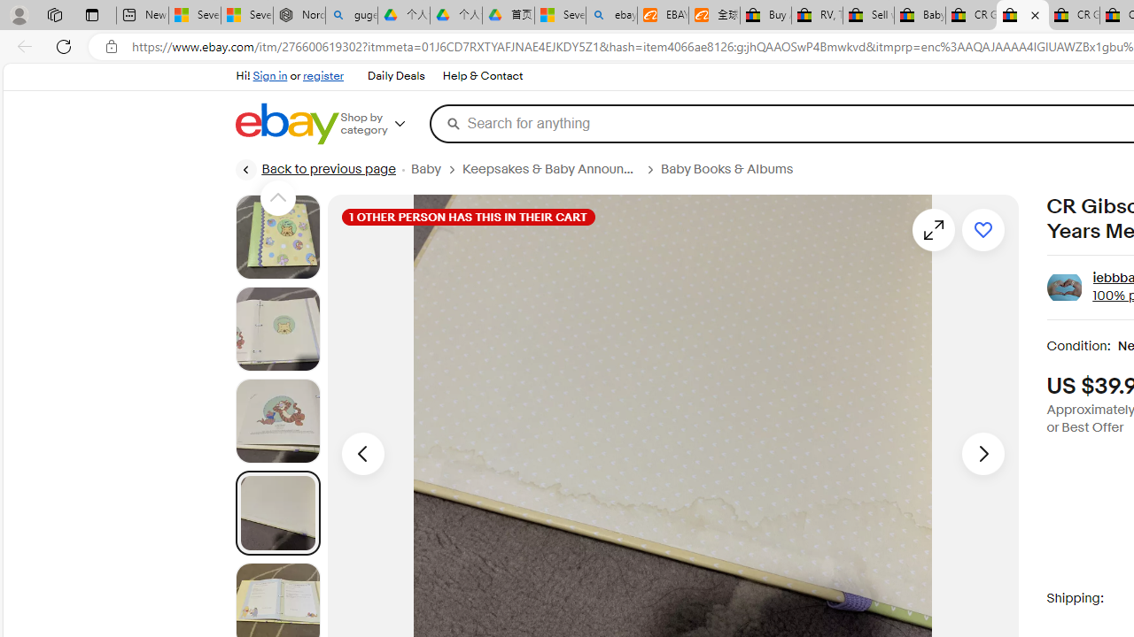 The image size is (1134, 637). Describe the element at coordinates (726, 169) in the screenshot. I see `'Baby Books & Albums'` at that location.